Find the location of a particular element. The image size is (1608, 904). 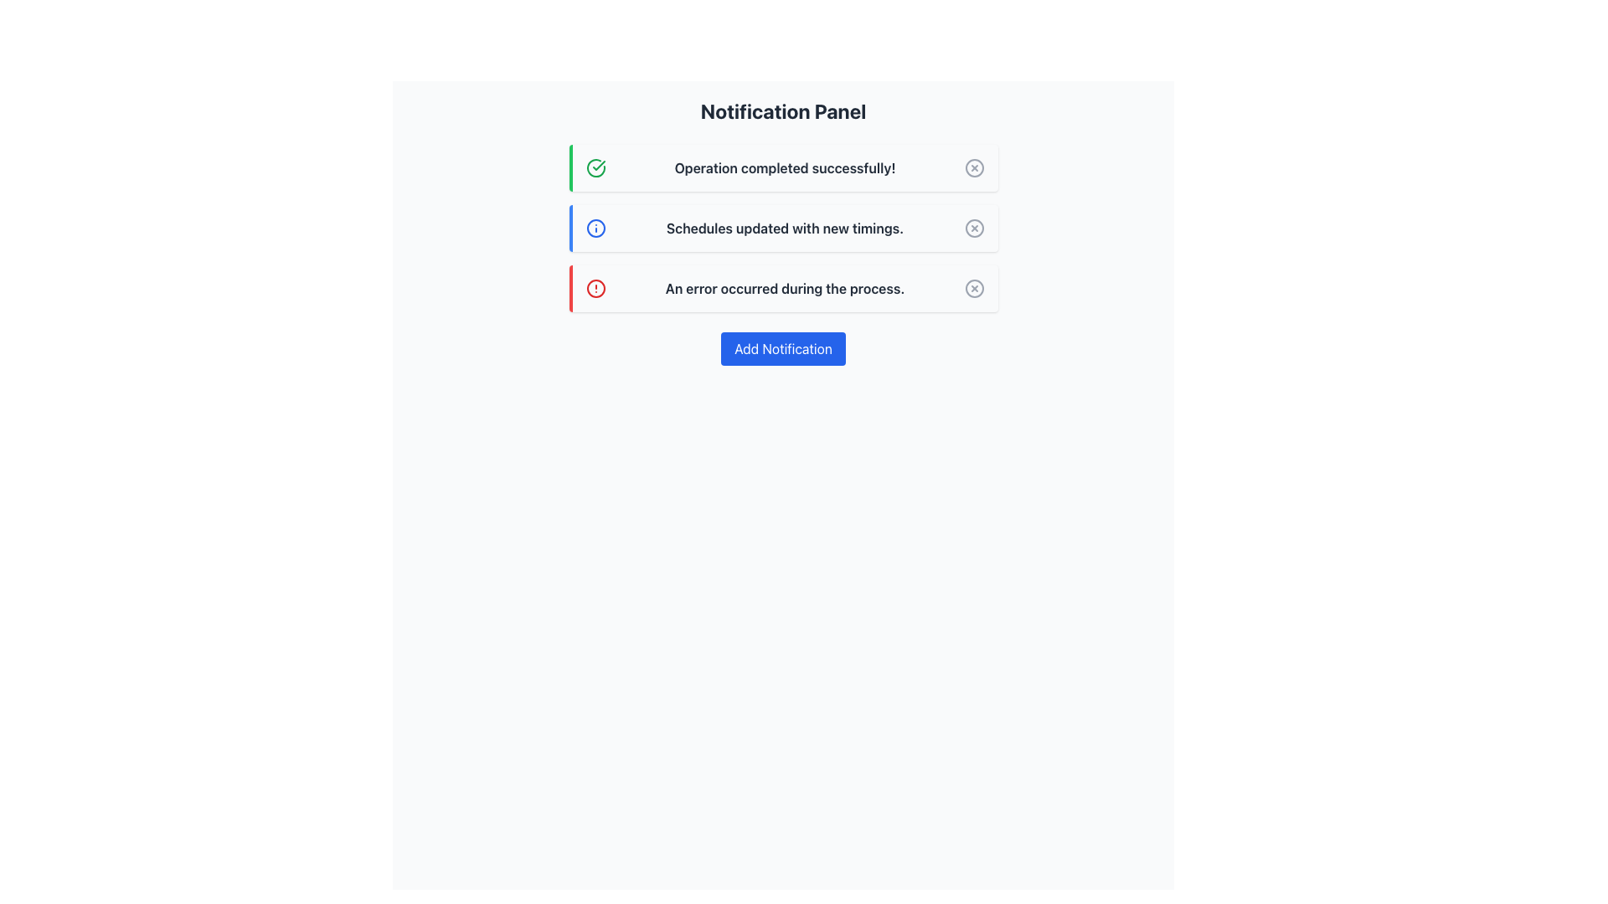

the Decorative Icon that indicates successful operation completion, located next to the text 'Operation completed successfully!' in the first notification row is located at coordinates (595, 167).